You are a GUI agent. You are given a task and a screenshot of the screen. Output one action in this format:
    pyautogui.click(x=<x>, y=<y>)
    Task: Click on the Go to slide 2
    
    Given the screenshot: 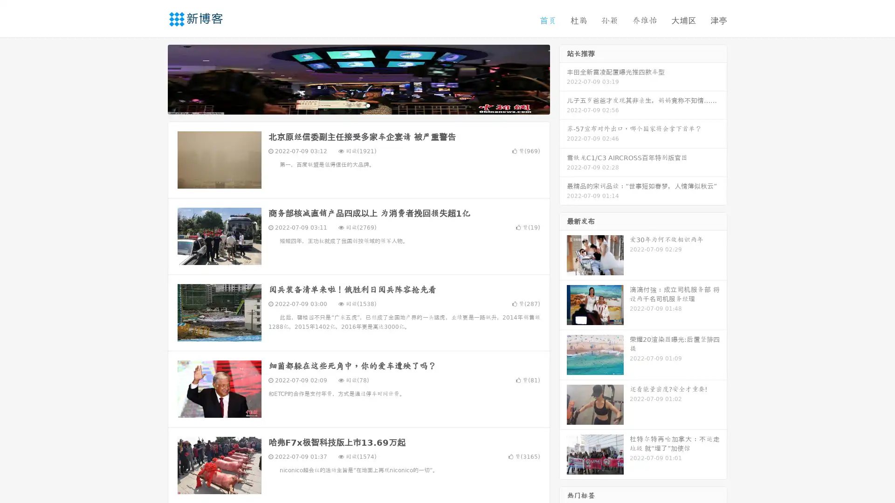 What is the action you would take?
    pyautogui.click(x=358, y=105)
    